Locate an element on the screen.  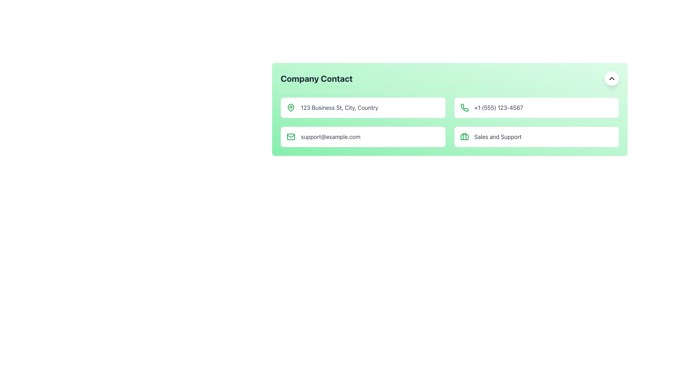
the text label displaying the phone number '+1 (555) 123-4567', which is located to the right of a green phone icon within a contact information layout is located at coordinates (498, 108).